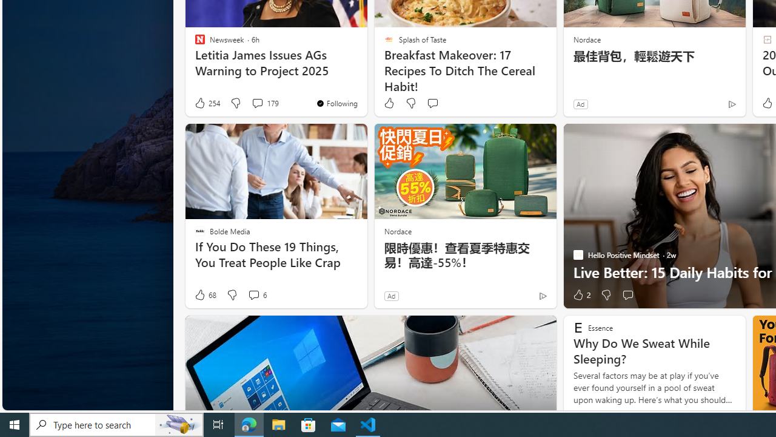 The image size is (776, 437). Describe the element at coordinates (606, 295) in the screenshot. I see `'Dislike'` at that location.